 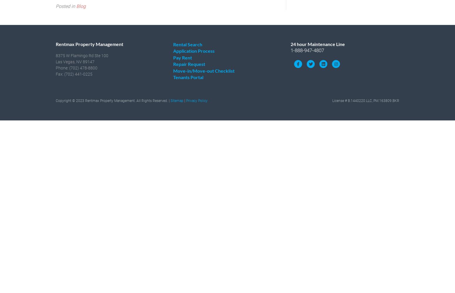 What do you see at coordinates (189, 64) in the screenshot?
I see `'Repair Request'` at bounding box center [189, 64].